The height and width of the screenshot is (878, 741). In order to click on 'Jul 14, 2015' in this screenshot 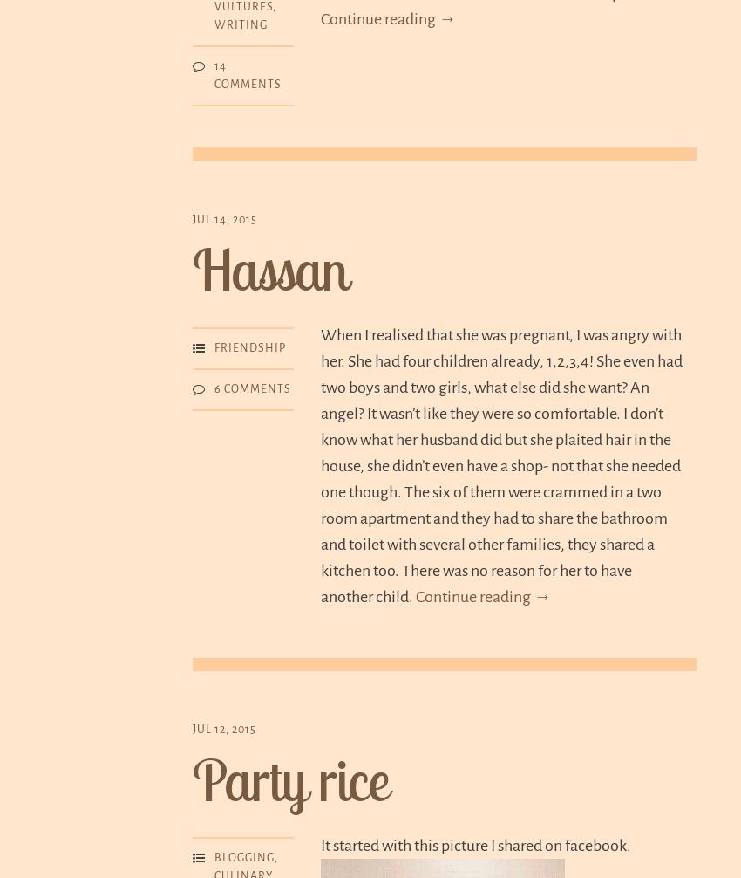, I will do `click(223, 218)`.